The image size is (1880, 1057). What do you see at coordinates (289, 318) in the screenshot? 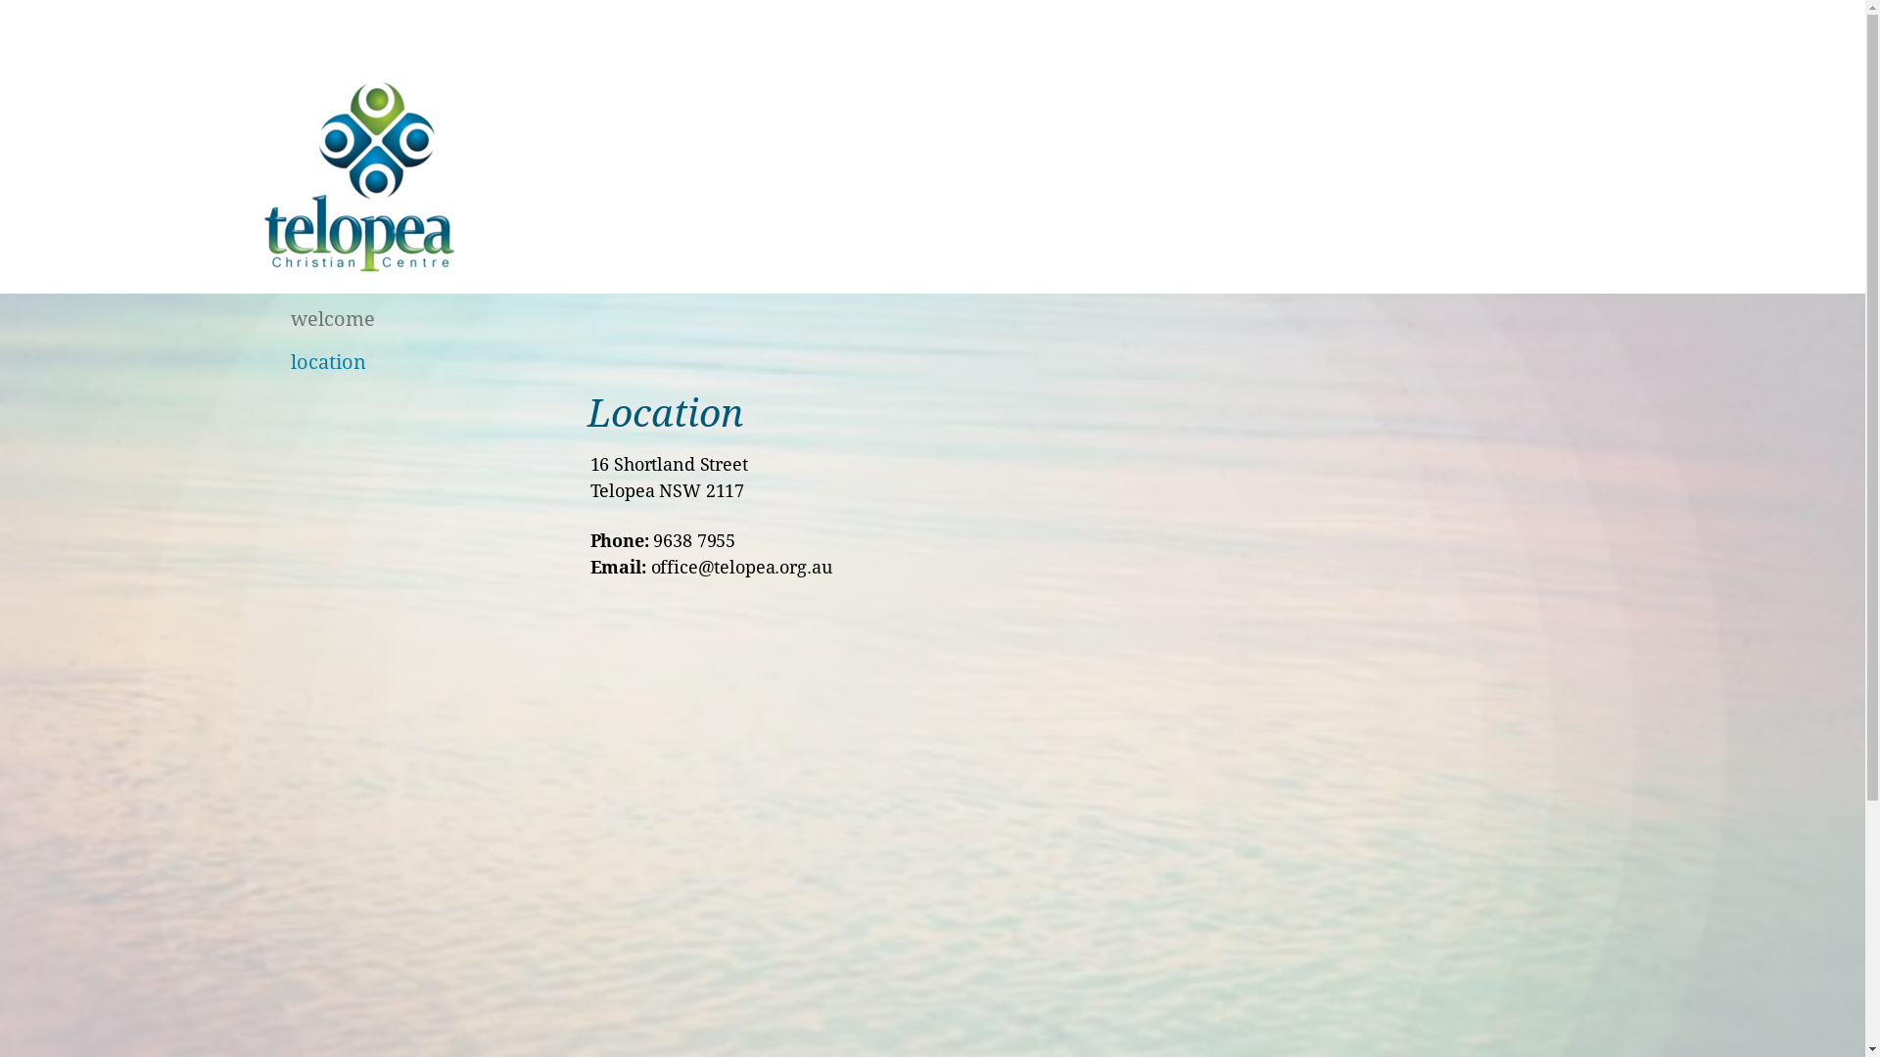
I see `'welcome'` at bounding box center [289, 318].